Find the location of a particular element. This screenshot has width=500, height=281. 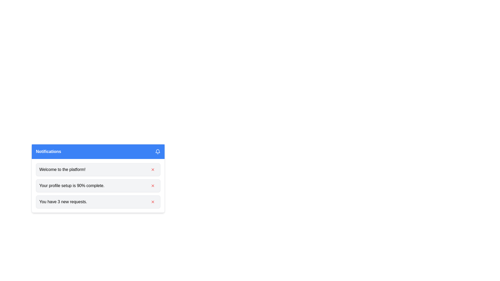

the blue bell icon located in the header section labeled 'Notifications' to possibly reveal additional information is located at coordinates (157, 151).